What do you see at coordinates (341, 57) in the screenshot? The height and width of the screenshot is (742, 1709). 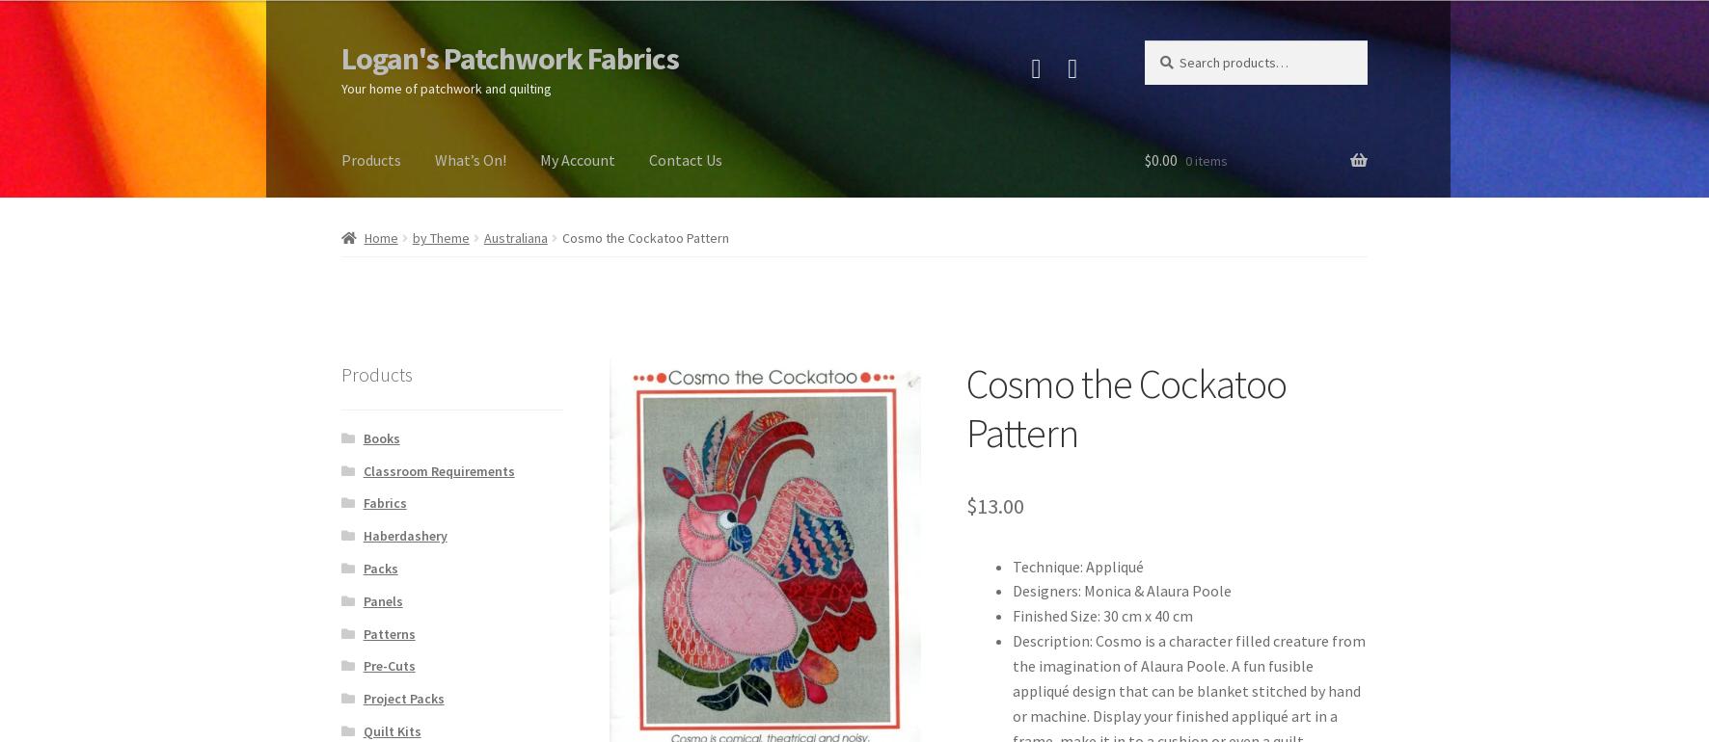 I see `'Logan's Patchwork Fabrics'` at bounding box center [341, 57].